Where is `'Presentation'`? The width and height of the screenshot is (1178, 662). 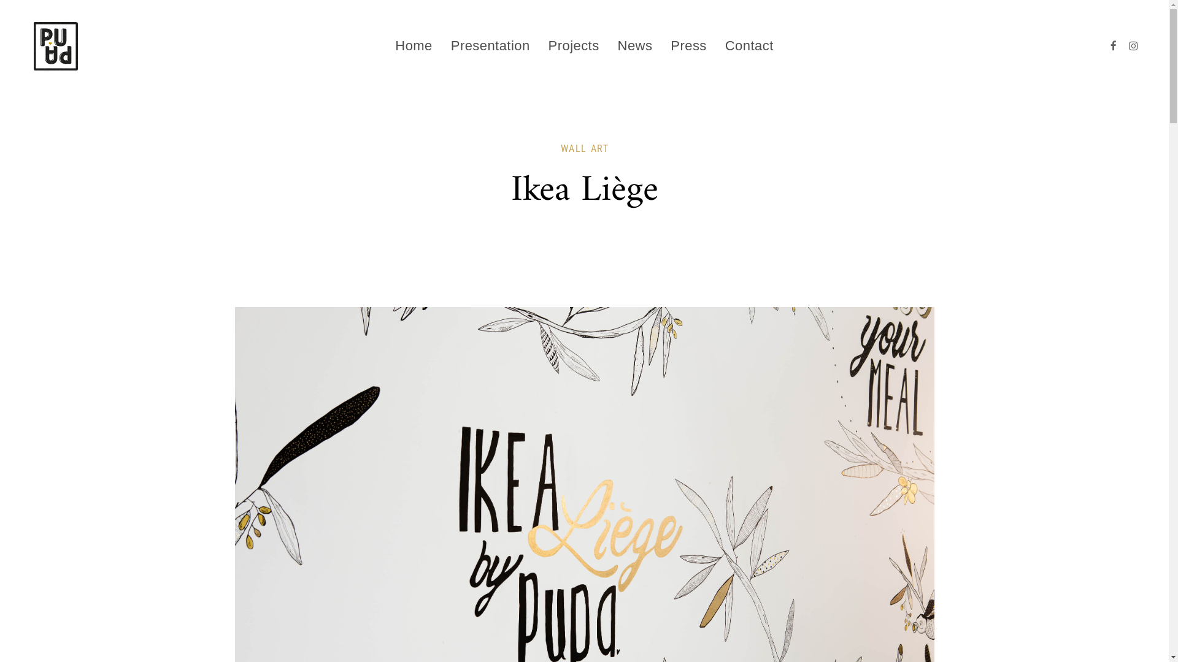 'Presentation' is located at coordinates (490, 45).